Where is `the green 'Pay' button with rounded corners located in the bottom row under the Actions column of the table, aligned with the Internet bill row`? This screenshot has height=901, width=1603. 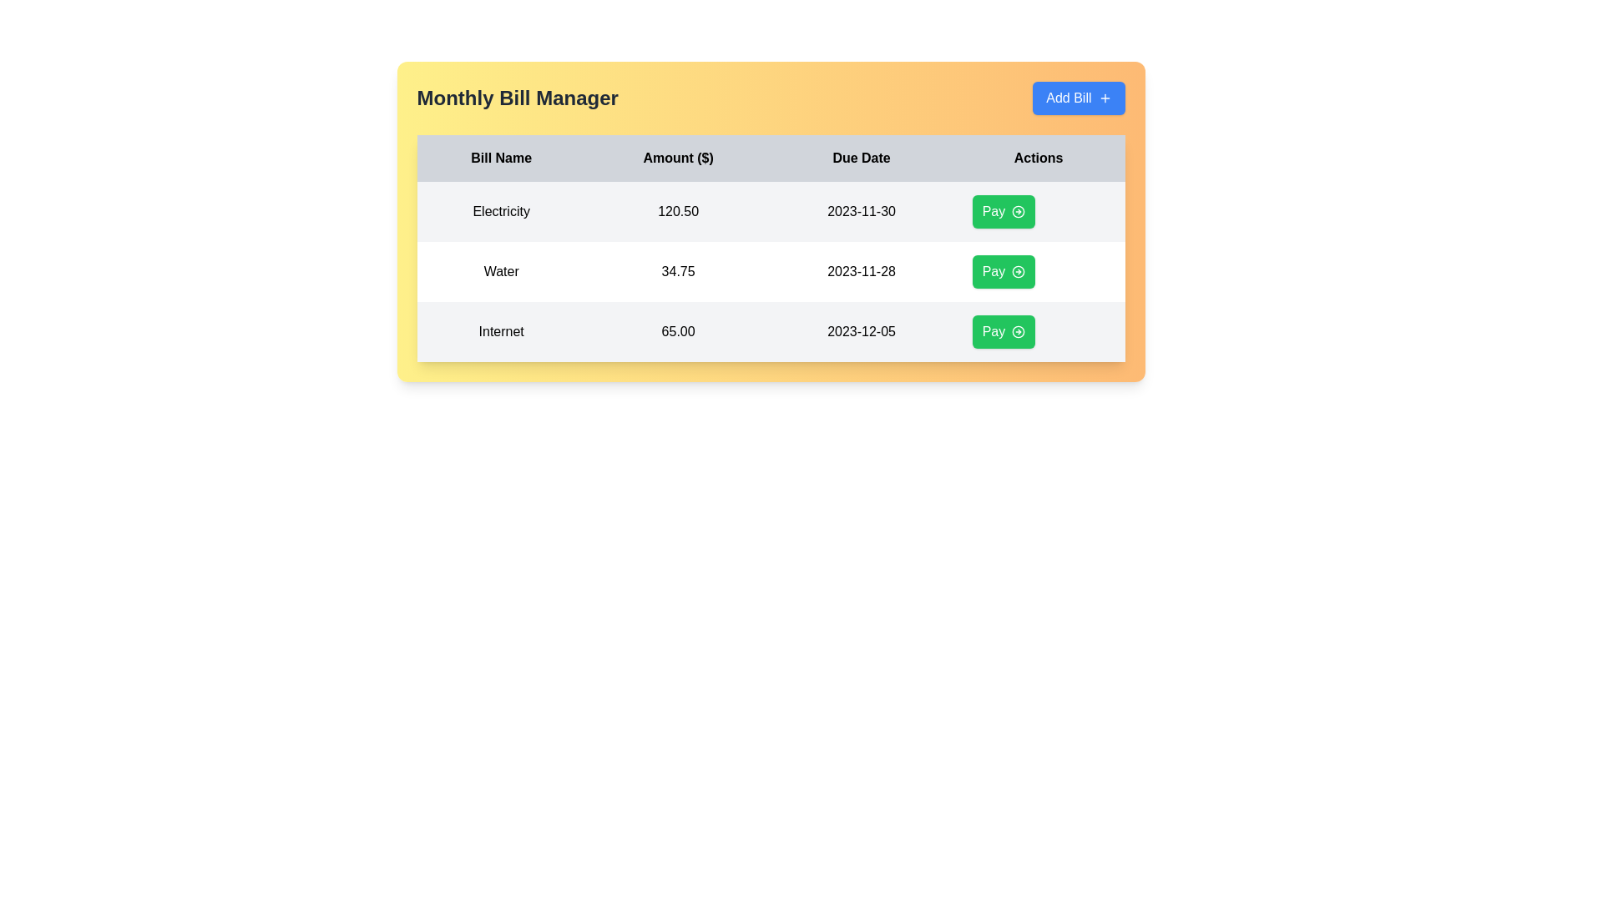
the green 'Pay' button with rounded corners located in the bottom row under the Actions column of the table, aligned with the Internet bill row is located at coordinates (1038, 331).